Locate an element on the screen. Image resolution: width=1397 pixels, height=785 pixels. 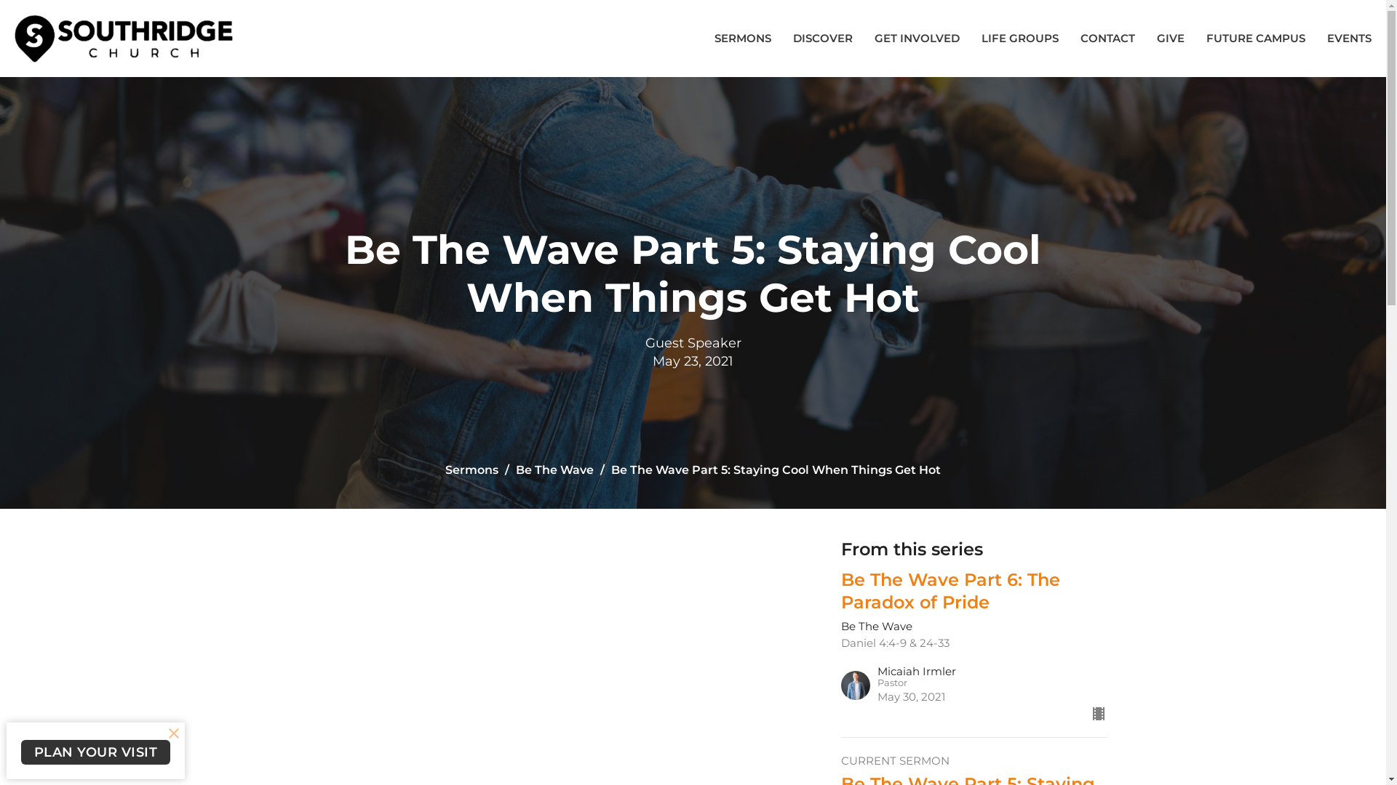
'PLAN YOUR VISIT' is located at coordinates (94, 752).